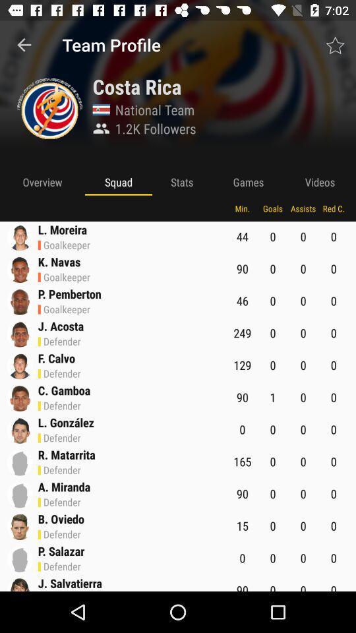 The width and height of the screenshot is (356, 633). What do you see at coordinates (118, 181) in the screenshot?
I see `app next to the stats item` at bounding box center [118, 181].